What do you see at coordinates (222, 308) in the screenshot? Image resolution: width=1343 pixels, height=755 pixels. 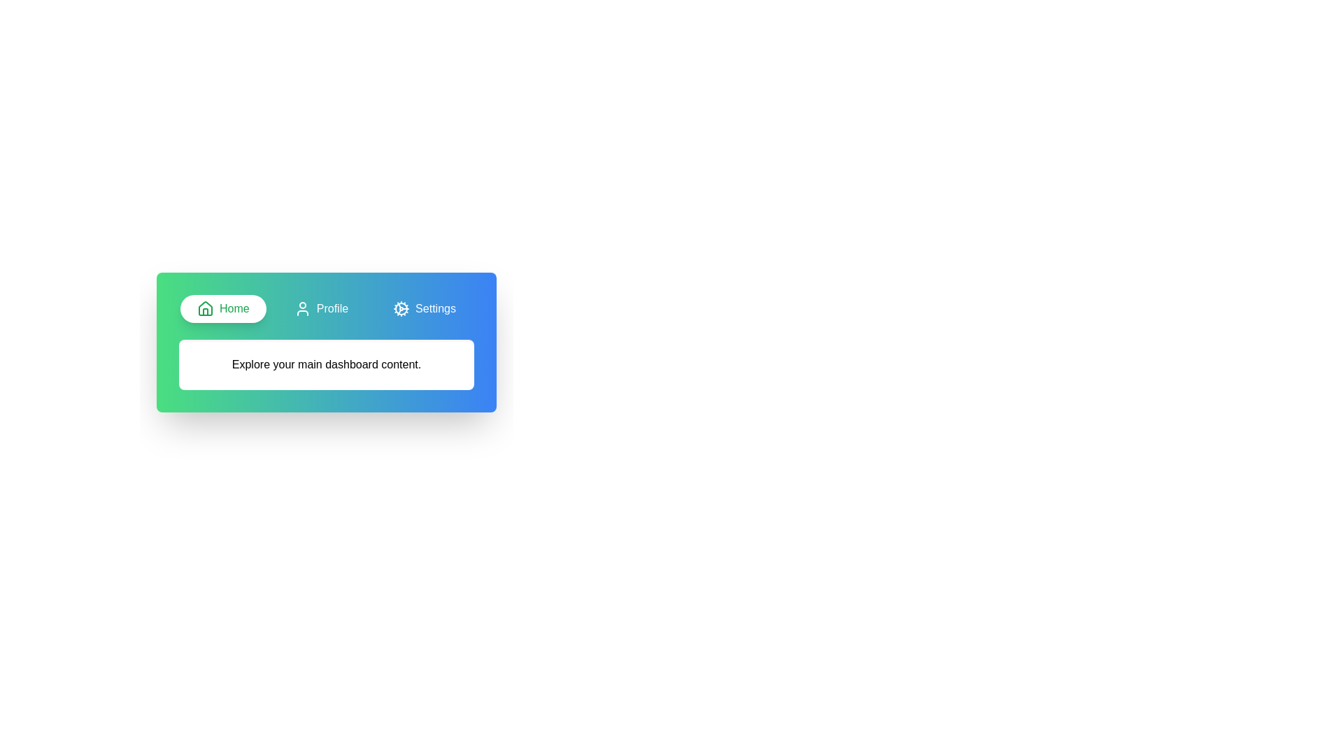 I see `the Home tab` at bounding box center [222, 308].